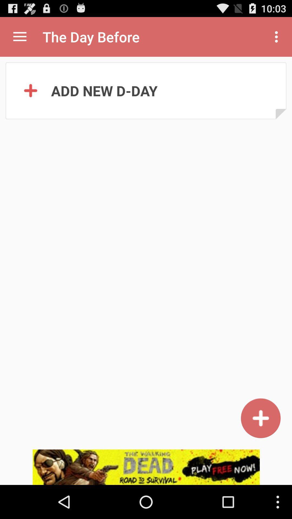 The width and height of the screenshot is (292, 519). What do you see at coordinates (260, 448) in the screenshot?
I see `the add icon` at bounding box center [260, 448].